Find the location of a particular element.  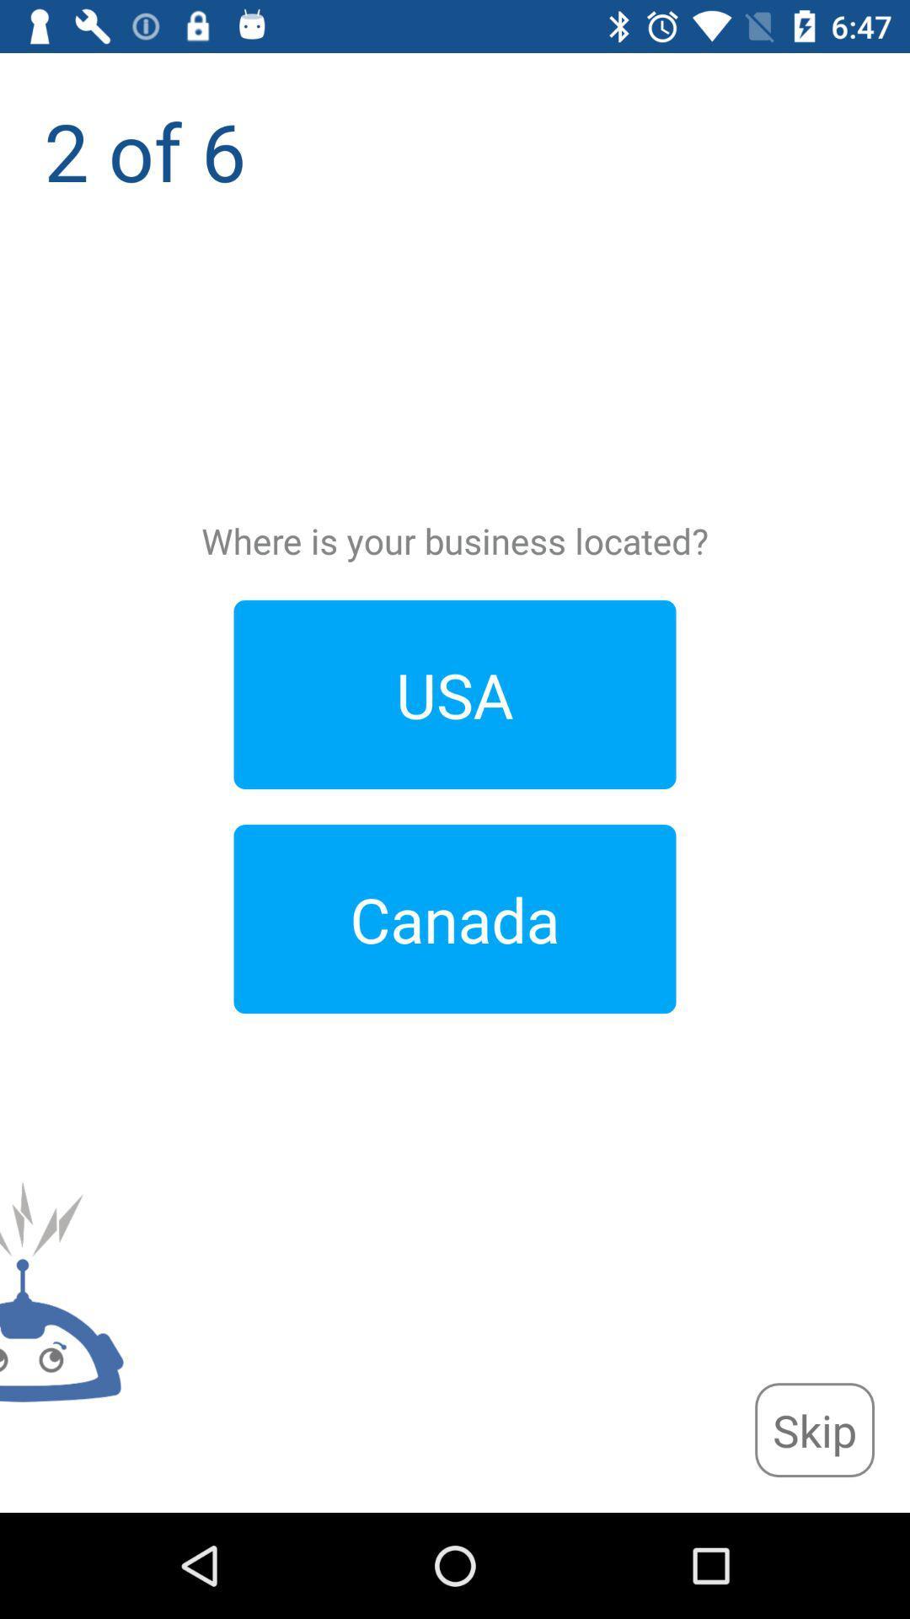

the item above the canada icon is located at coordinates (455, 694).